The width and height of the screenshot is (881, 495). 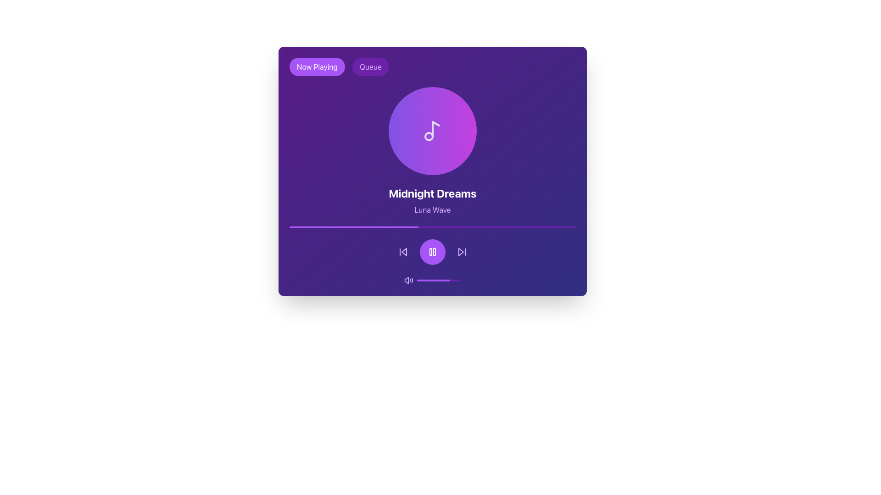 What do you see at coordinates (408, 280) in the screenshot?
I see `the minimalist purple speaker icon with sound waves, located to the left of the progress bar in the music playback section` at bounding box center [408, 280].